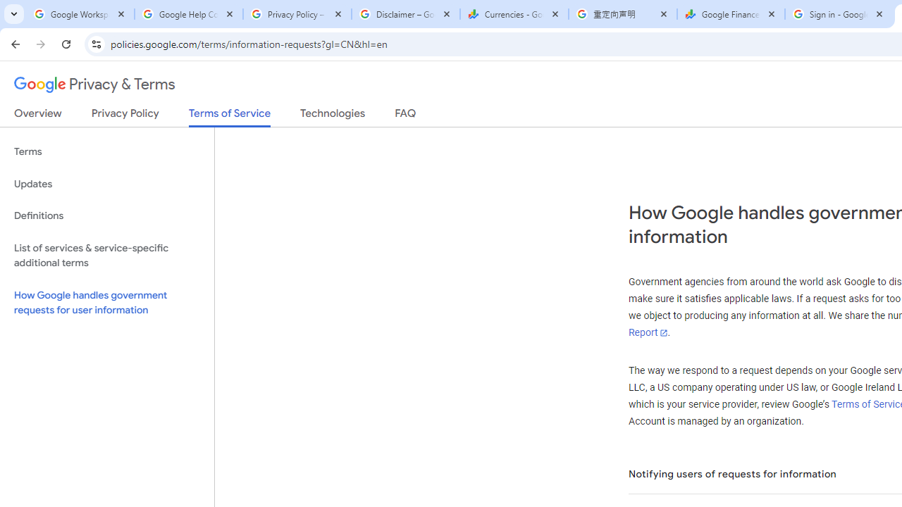 The width and height of the screenshot is (902, 507). What do you see at coordinates (839, 14) in the screenshot?
I see `'Sign in - Google Accounts'` at bounding box center [839, 14].